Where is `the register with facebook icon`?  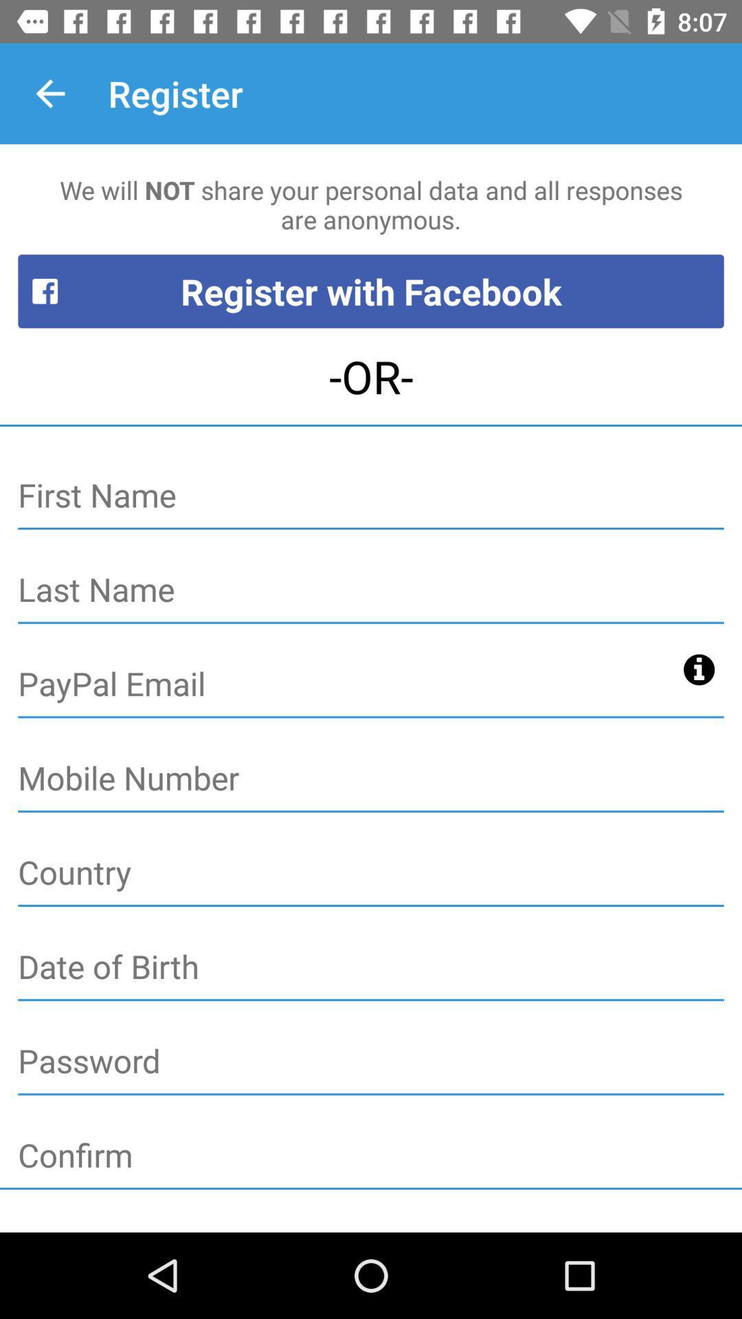 the register with facebook icon is located at coordinates (371, 291).